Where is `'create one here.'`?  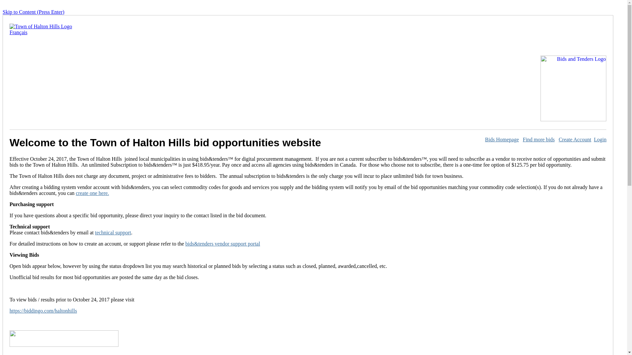 'create one here.' is located at coordinates (92, 193).